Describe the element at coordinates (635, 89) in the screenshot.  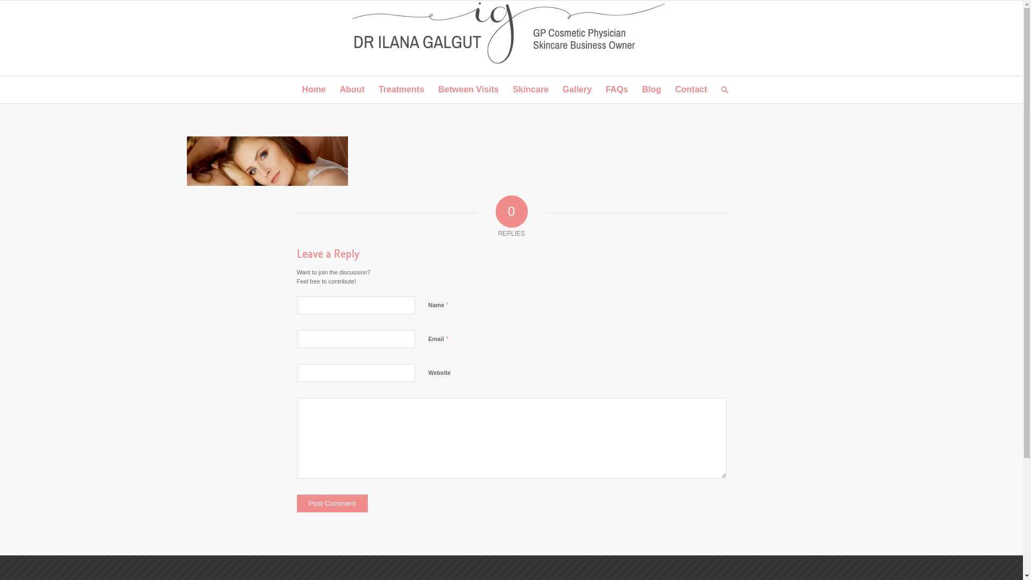
I see `'Blog'` at that location.